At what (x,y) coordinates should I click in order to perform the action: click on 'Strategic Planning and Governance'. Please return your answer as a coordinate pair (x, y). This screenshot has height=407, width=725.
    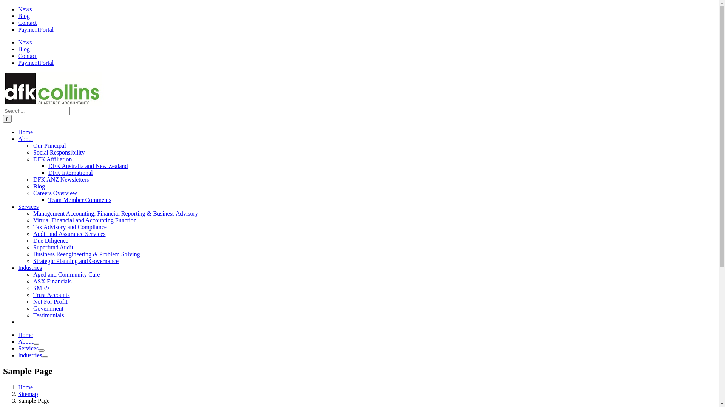
    Looking at the image, I should click on (76, 260).